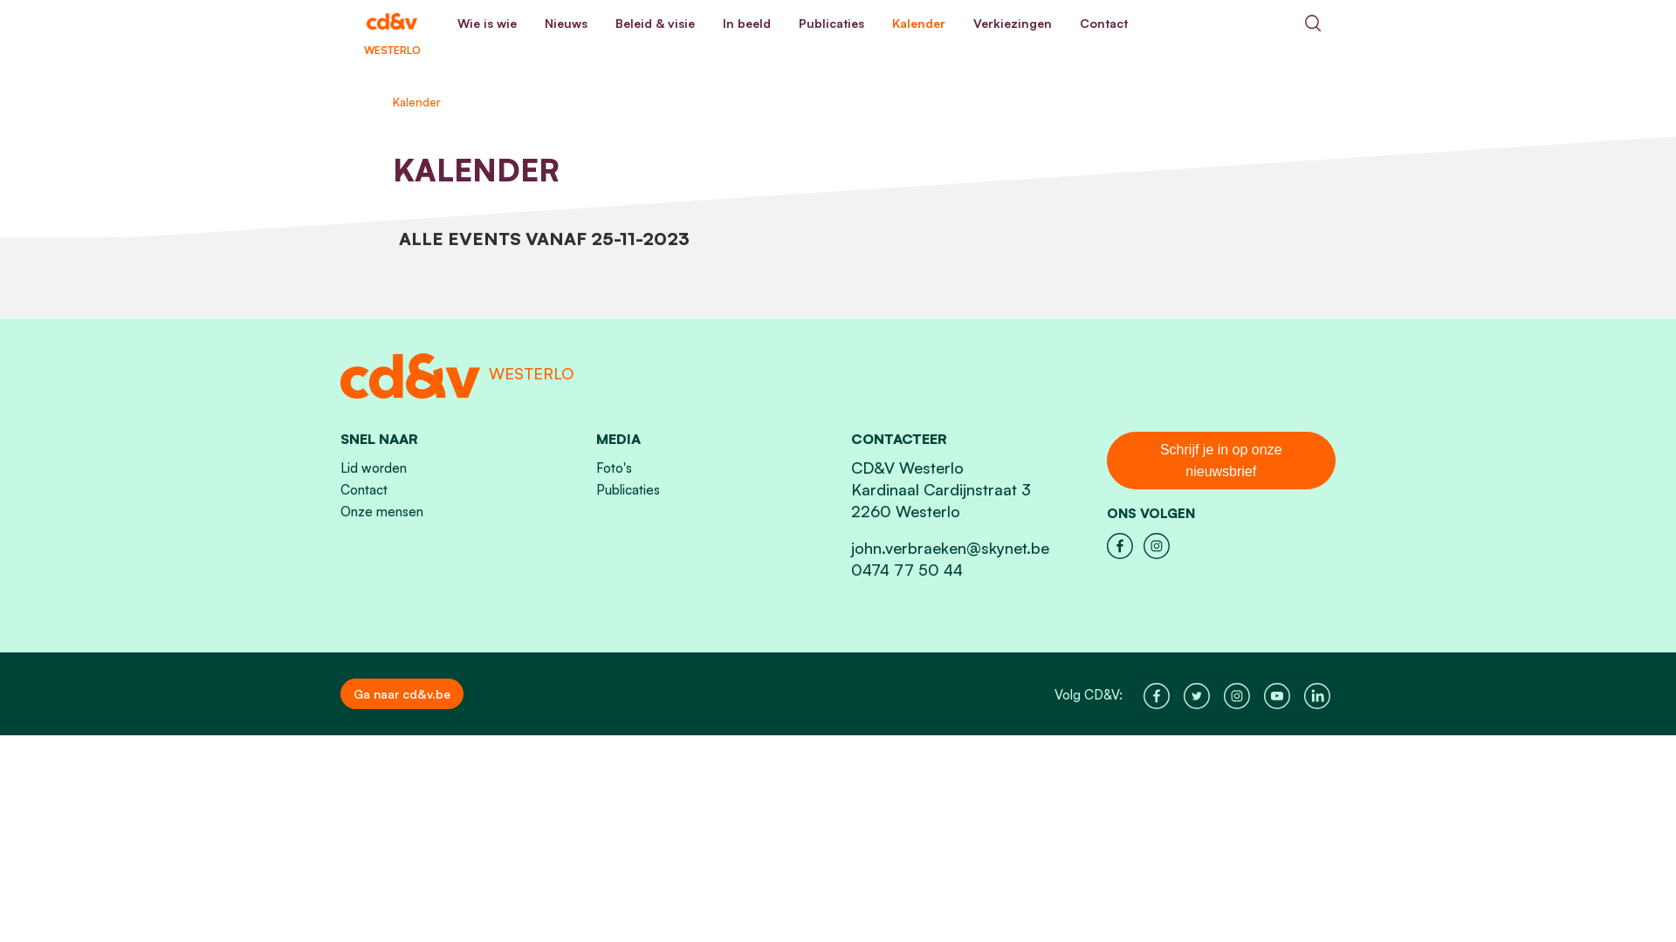 The height and width of the screenshot is (942, 1676). I want to click on 'Beleid & visie', so click(654, 24).